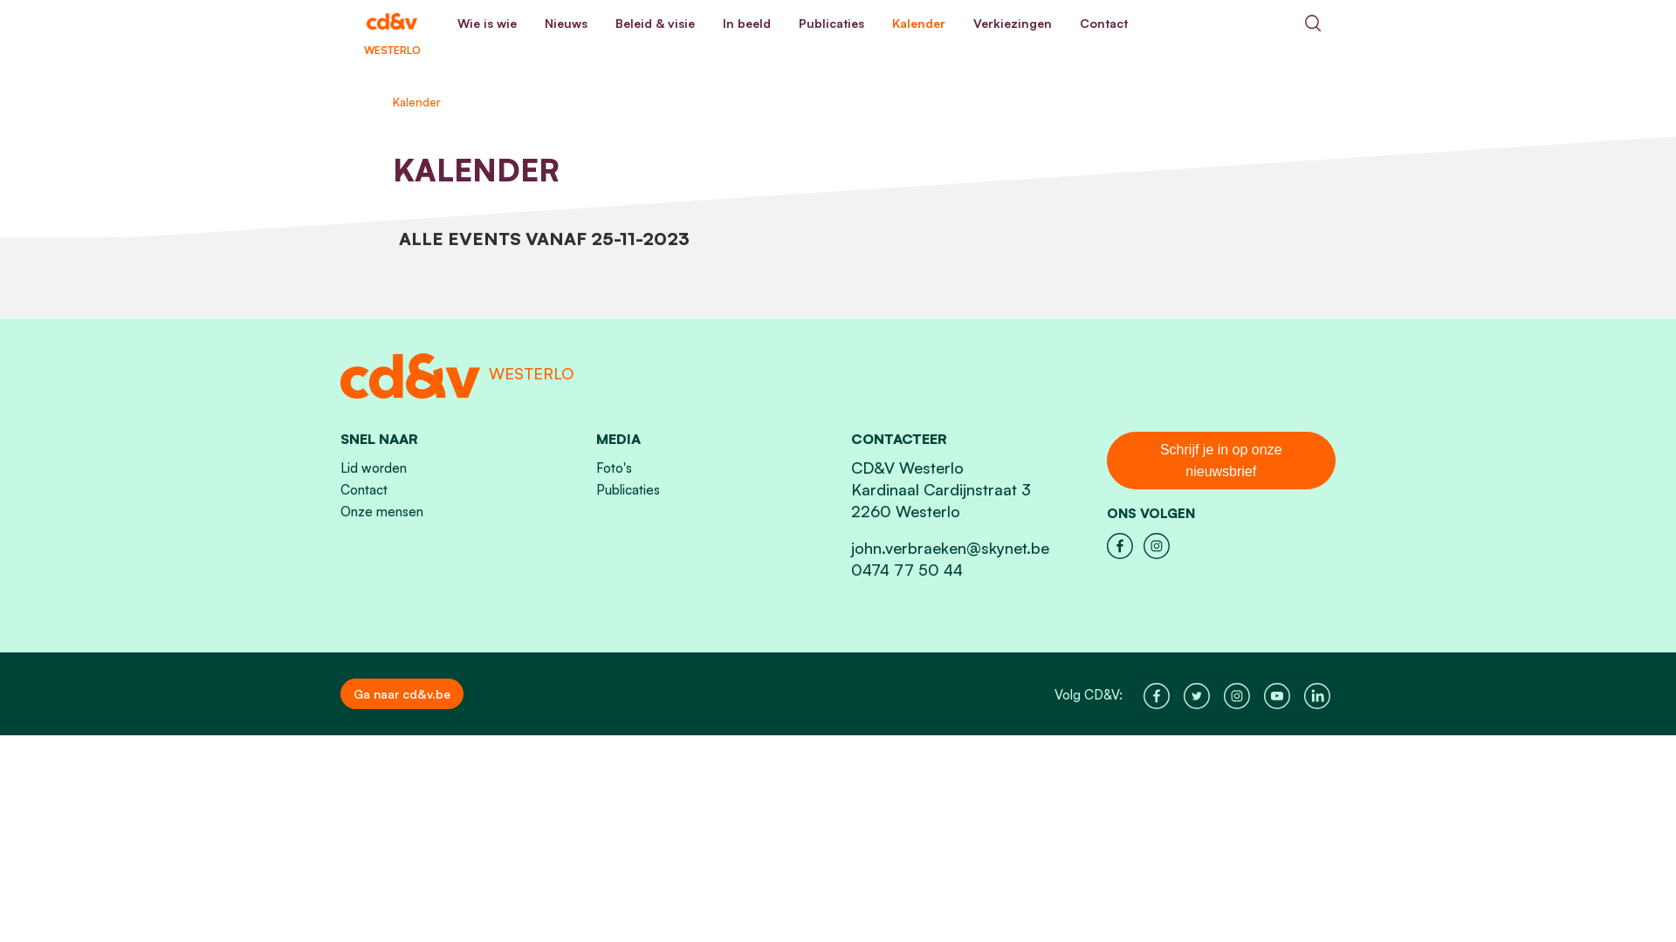 The height and width of the screenshot is (942, 1676). I want to click on 'Beleid & visie', so click(654, 24).